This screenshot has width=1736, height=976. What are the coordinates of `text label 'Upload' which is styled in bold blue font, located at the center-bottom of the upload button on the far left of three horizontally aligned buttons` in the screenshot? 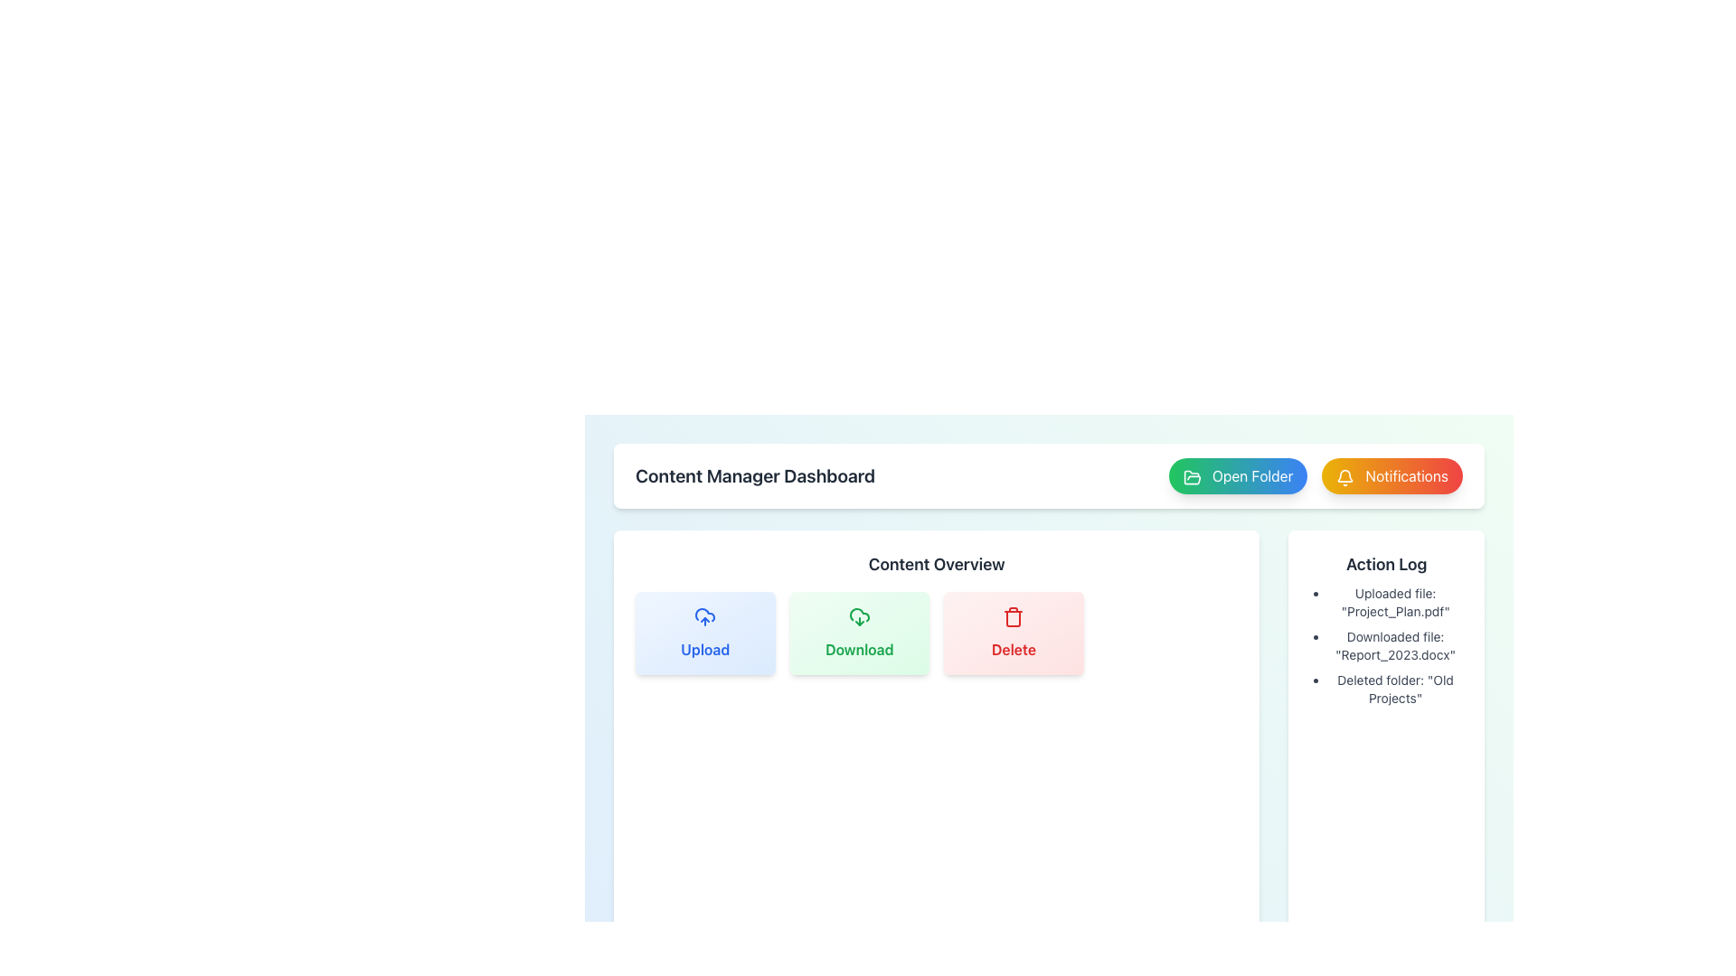 It's located at (704, 648).